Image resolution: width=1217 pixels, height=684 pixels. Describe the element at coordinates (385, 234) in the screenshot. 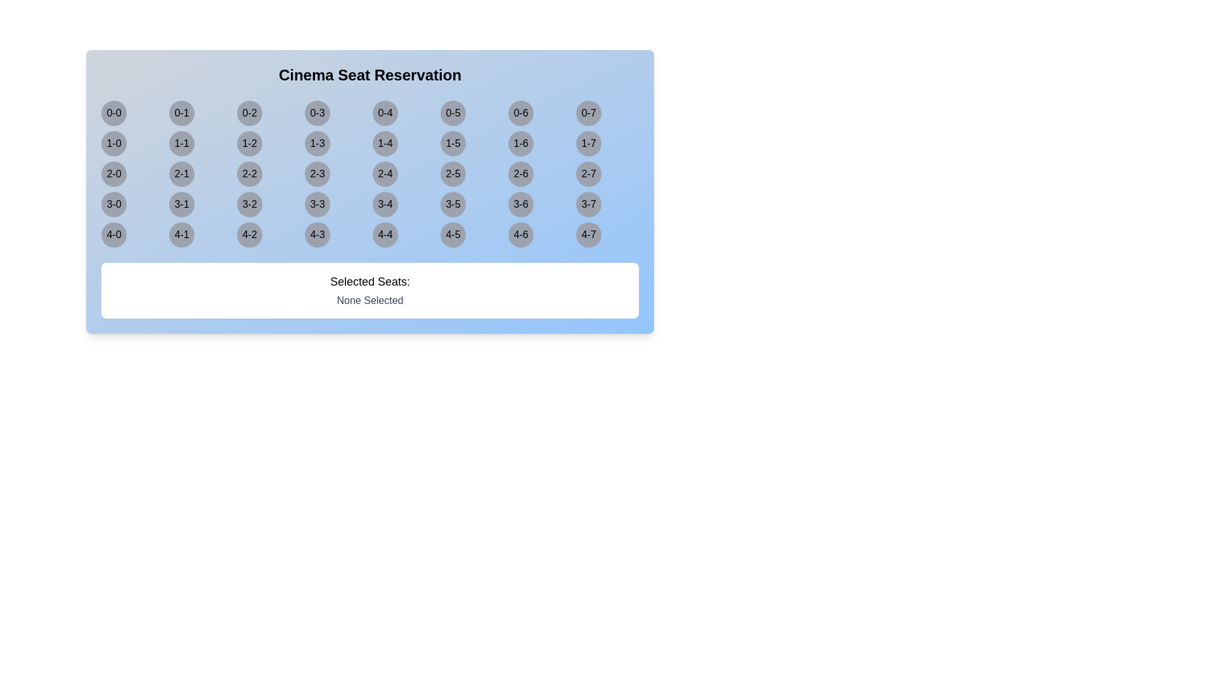

I see `the selectable button labeled '4-4' in the fifth row and fifth column of the grid` at that location.